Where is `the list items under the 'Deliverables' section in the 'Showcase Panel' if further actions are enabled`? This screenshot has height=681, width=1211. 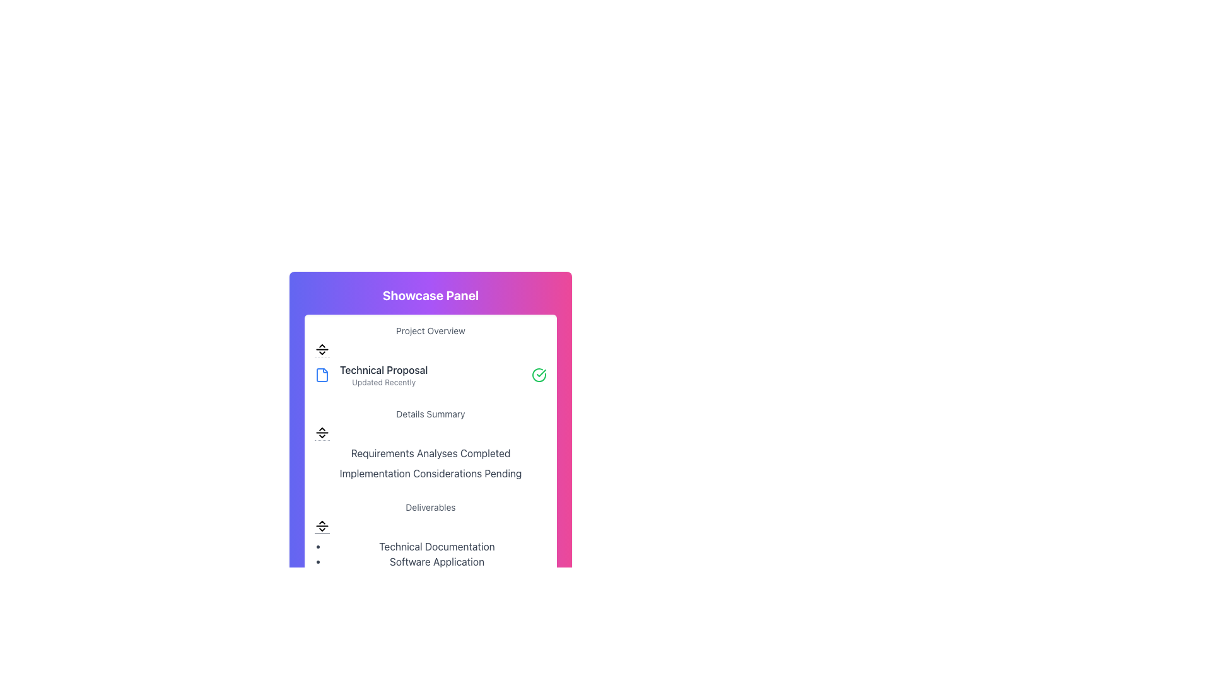 the list items under the 'Deliverables' section in the 'Showcase Panel' if further actions are enabled is located at coordinates (430, 542).